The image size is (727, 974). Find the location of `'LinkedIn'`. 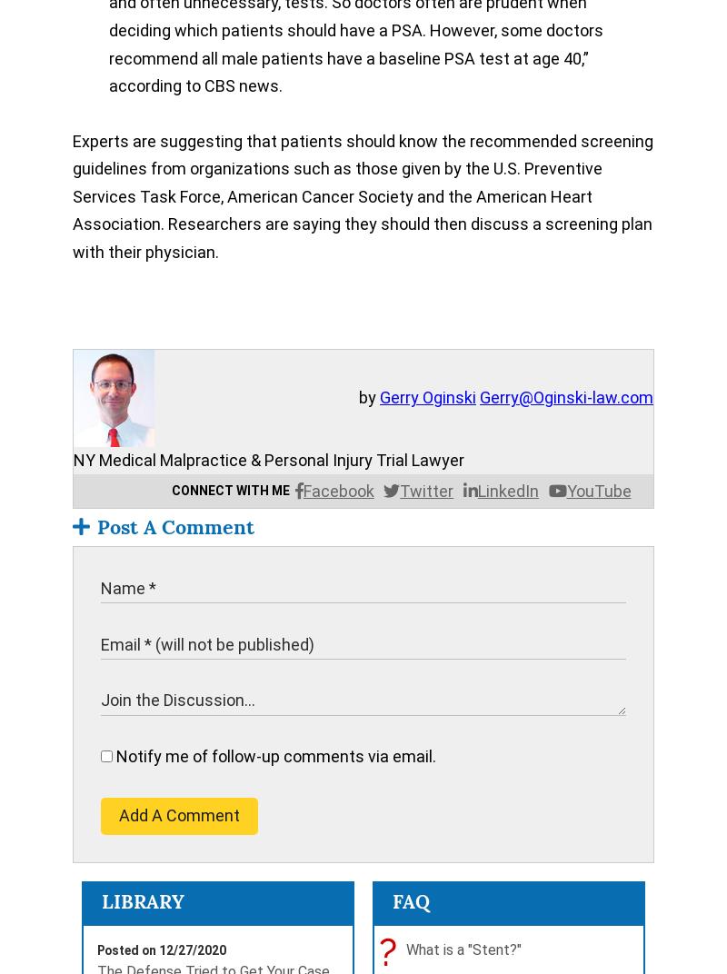

'LinkedIn' is located at coordinates (507, 490).